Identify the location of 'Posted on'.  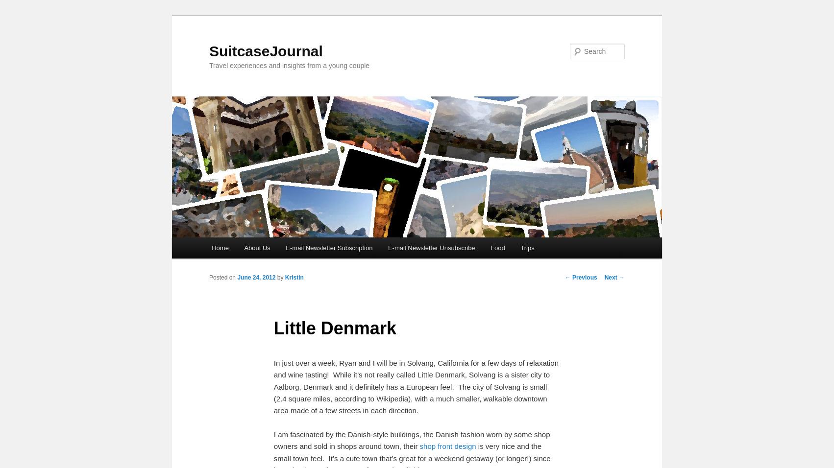
(222, 277).